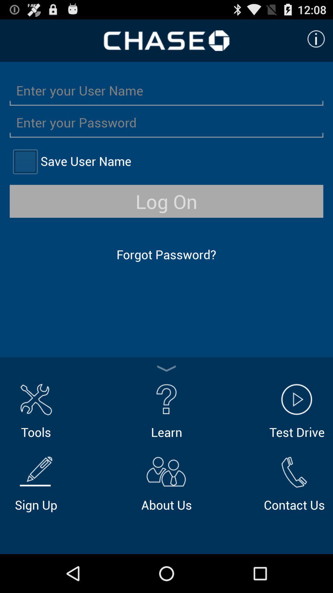 This screenshot has width=333, height=593. What do you see at coordinates (36, 410) in the screenshot?
I see `item above sign up` at bounding box center [36, 410].